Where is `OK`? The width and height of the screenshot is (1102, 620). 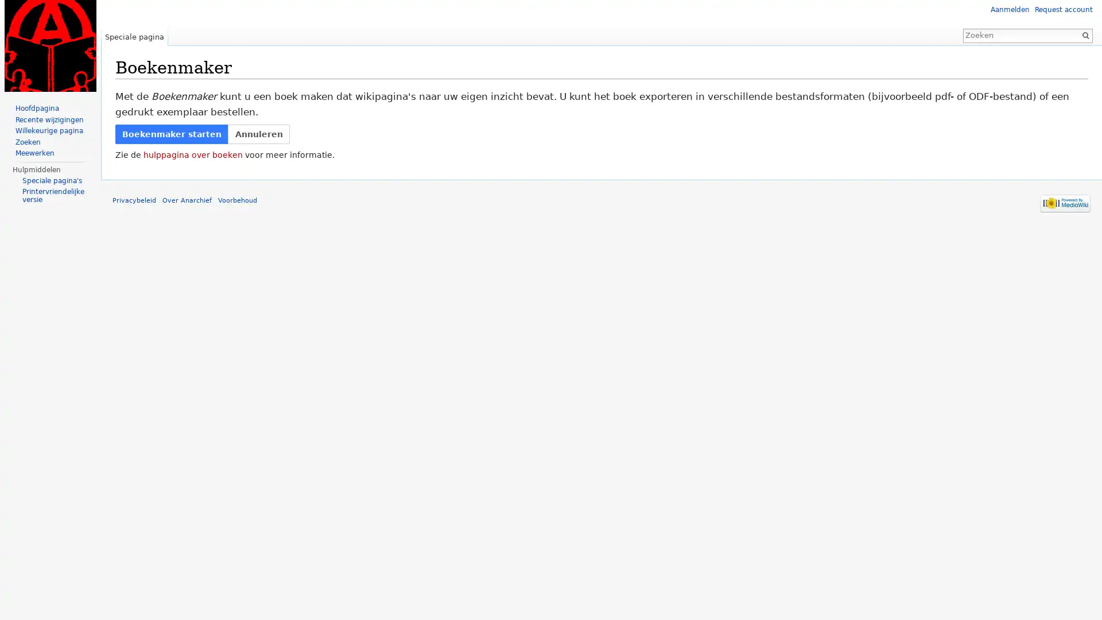 OK is located at coordinates (1085, 34).